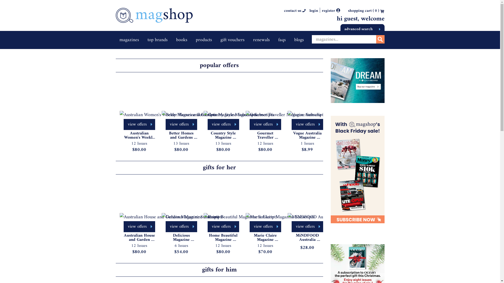 The image size is (504, 283). Describe the element at coordinates (261, 40) in the screenshot. I see `'renewals'` at that location.